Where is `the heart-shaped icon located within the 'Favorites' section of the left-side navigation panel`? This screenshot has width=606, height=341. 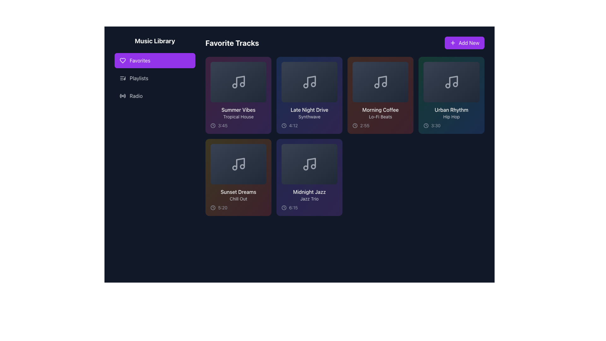
the heart-shaped icon located within the 'Favorites' section of the left-side navigation panel is located at coordinates (122, 61).